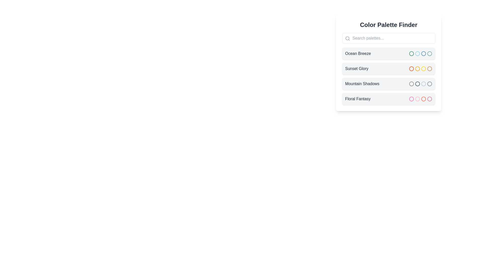 This screenshot has height=272, width=483. What do you see at coordinates (420, 53) in the screenshot?
I see `the first circular icon in the horizontal group of icons in the 'Color Palette Finder' widget` at bounding box center [420, 53].